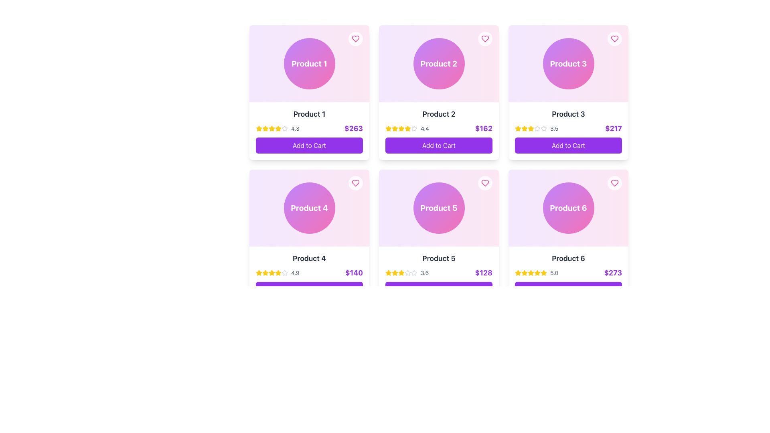 The width and height of the screenshot is (770, 433). What do you see at coordinates (438, 289) in the screenshot?
I see `the button to add 'Product 5' to the shopping cart, located at the bottom center of the product card, beneath the price label of '$128'` at bounding box center [438, 289].